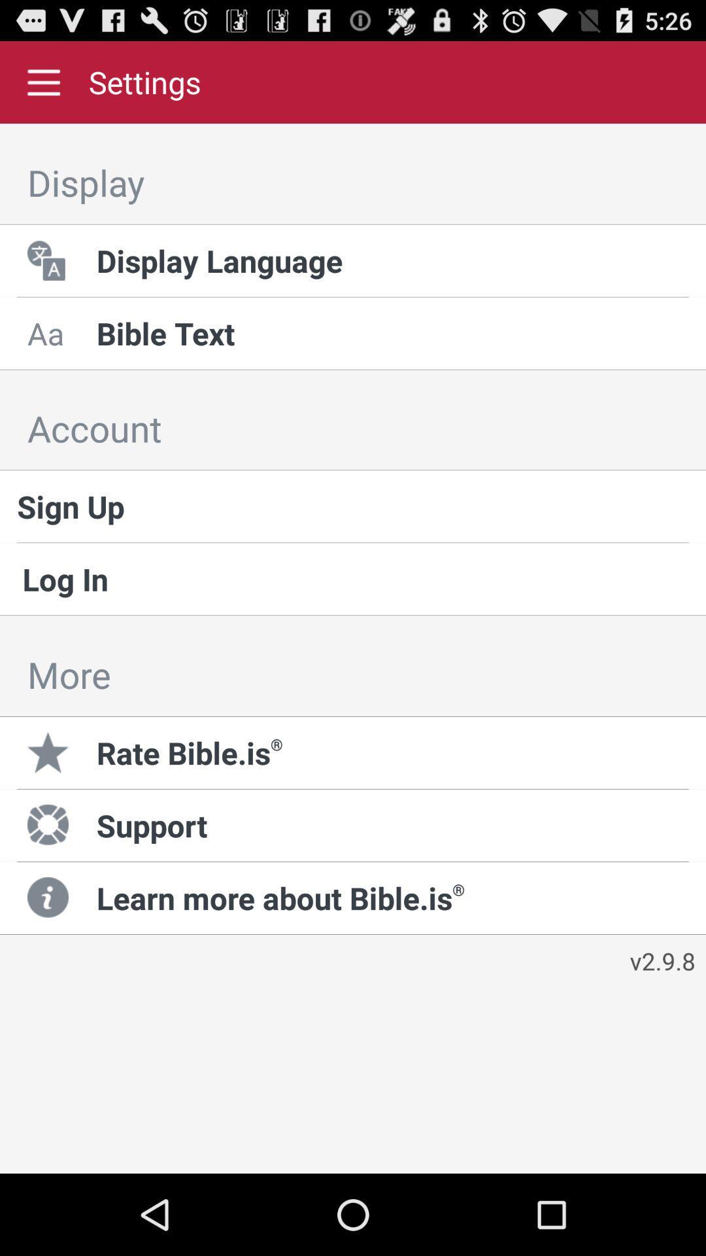 This screenshot has width=706, height=1256. What do you see at coordinates (50, 824) in the screenshot?
I see `the icon which is below the star icon` at bounding box center [50, 824].